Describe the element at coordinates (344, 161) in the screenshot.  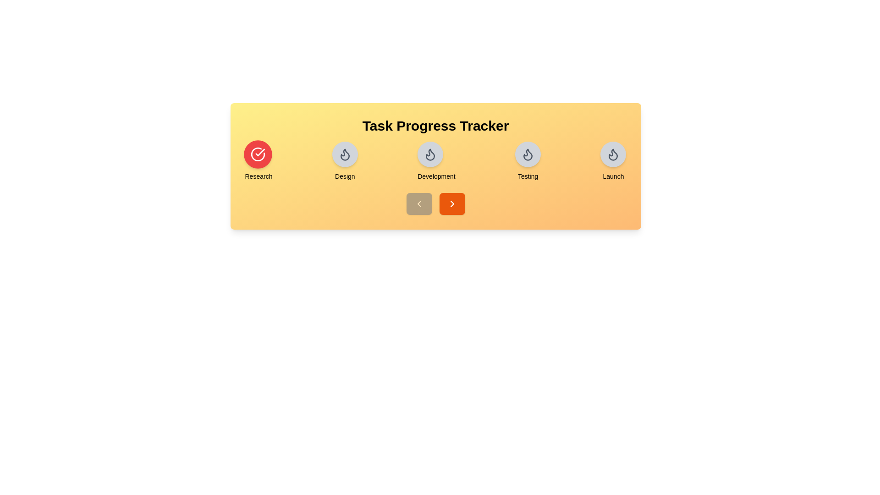
I see `the circular button labeled 'Design' with a flame icon, which is the second button from the left in a sequence of buttons` at that location.